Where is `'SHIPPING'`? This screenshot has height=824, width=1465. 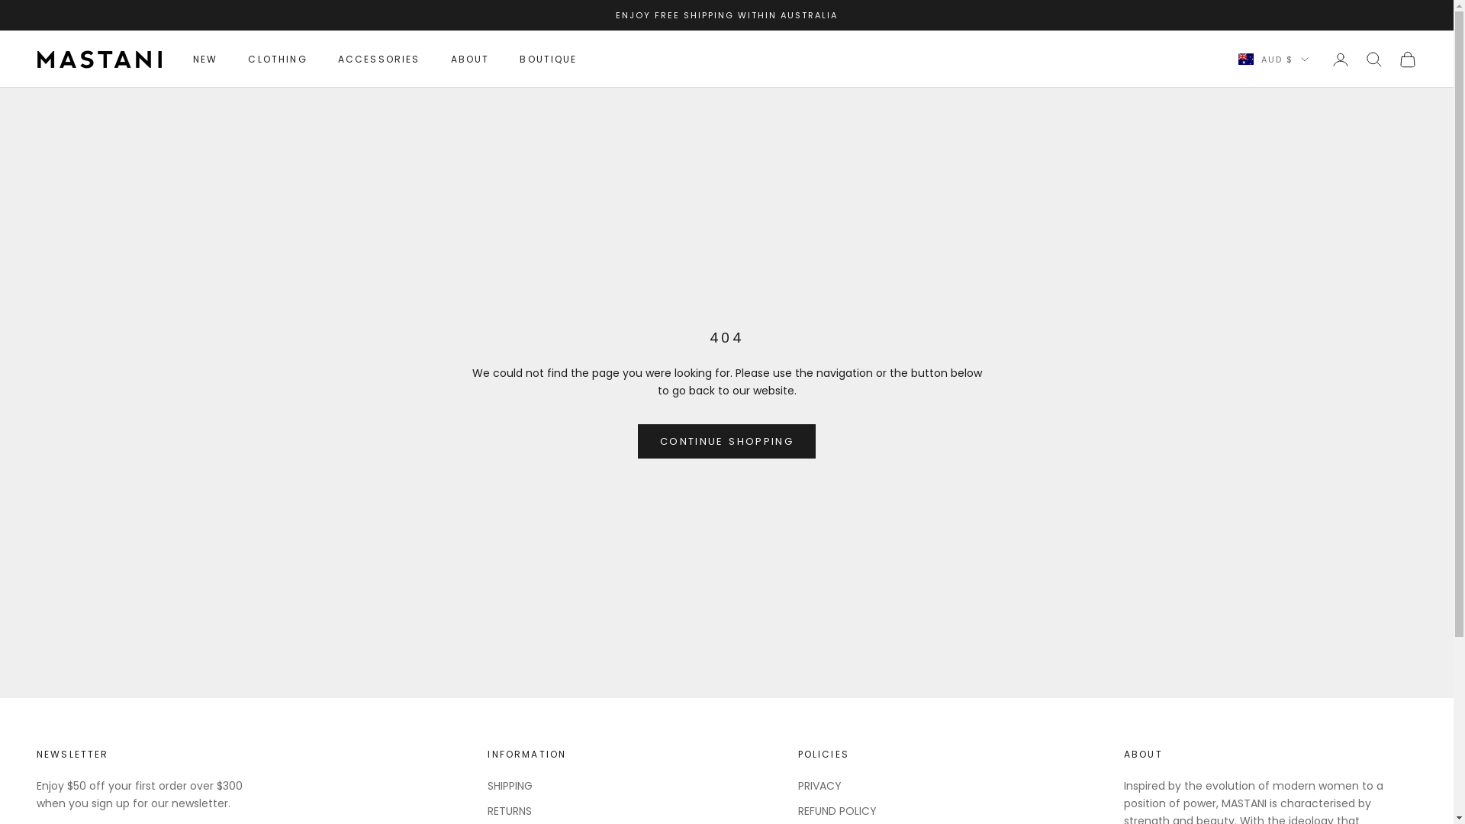 'SHIPPING' is located at coordinates (510, 785).